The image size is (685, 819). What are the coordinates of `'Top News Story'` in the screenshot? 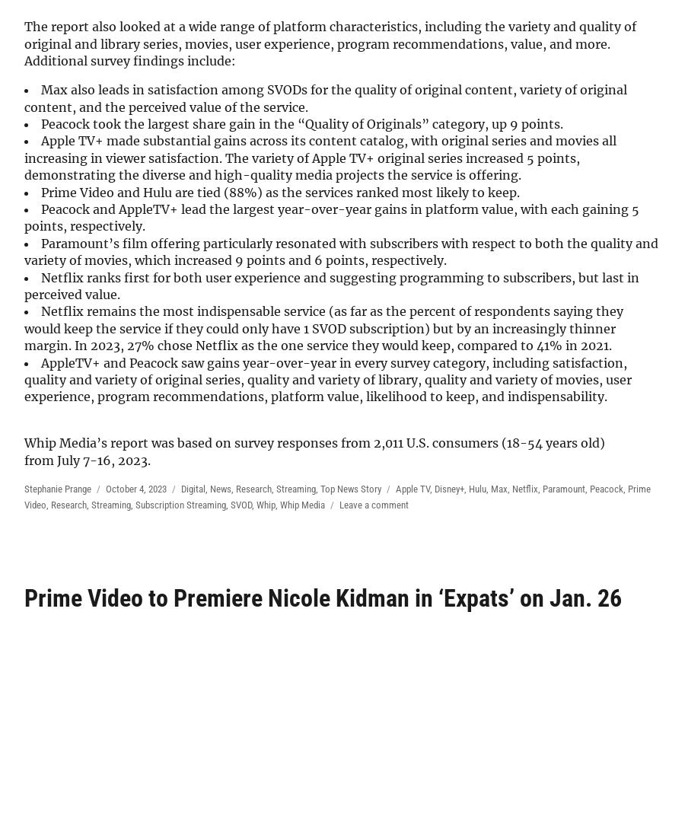 It's located at (349, 487).